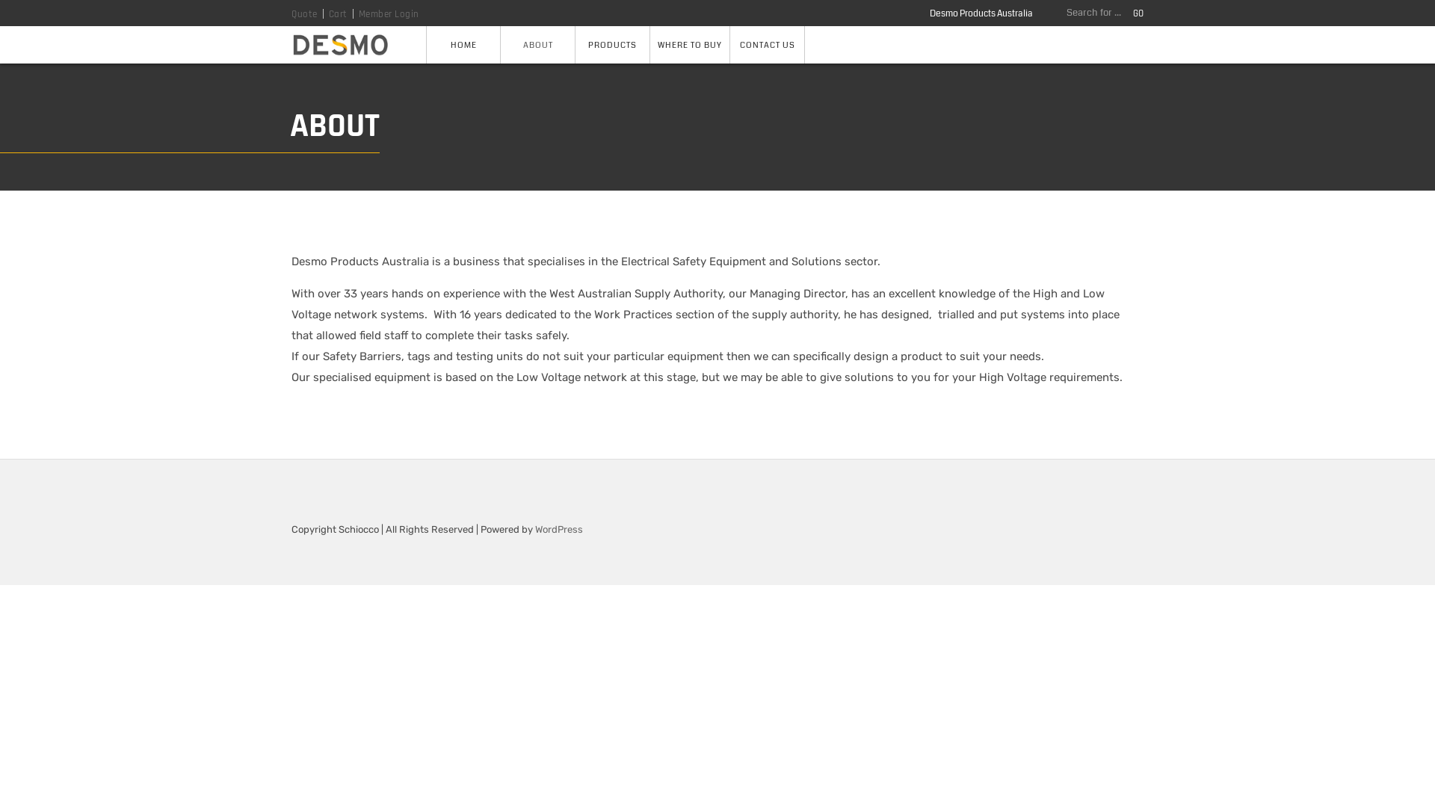 Image resolution: width=1435 pixels, height=807 pixels. Describe the element at coordinates (558, 528) in the screenshot. I see `'WordPress'` at that location.